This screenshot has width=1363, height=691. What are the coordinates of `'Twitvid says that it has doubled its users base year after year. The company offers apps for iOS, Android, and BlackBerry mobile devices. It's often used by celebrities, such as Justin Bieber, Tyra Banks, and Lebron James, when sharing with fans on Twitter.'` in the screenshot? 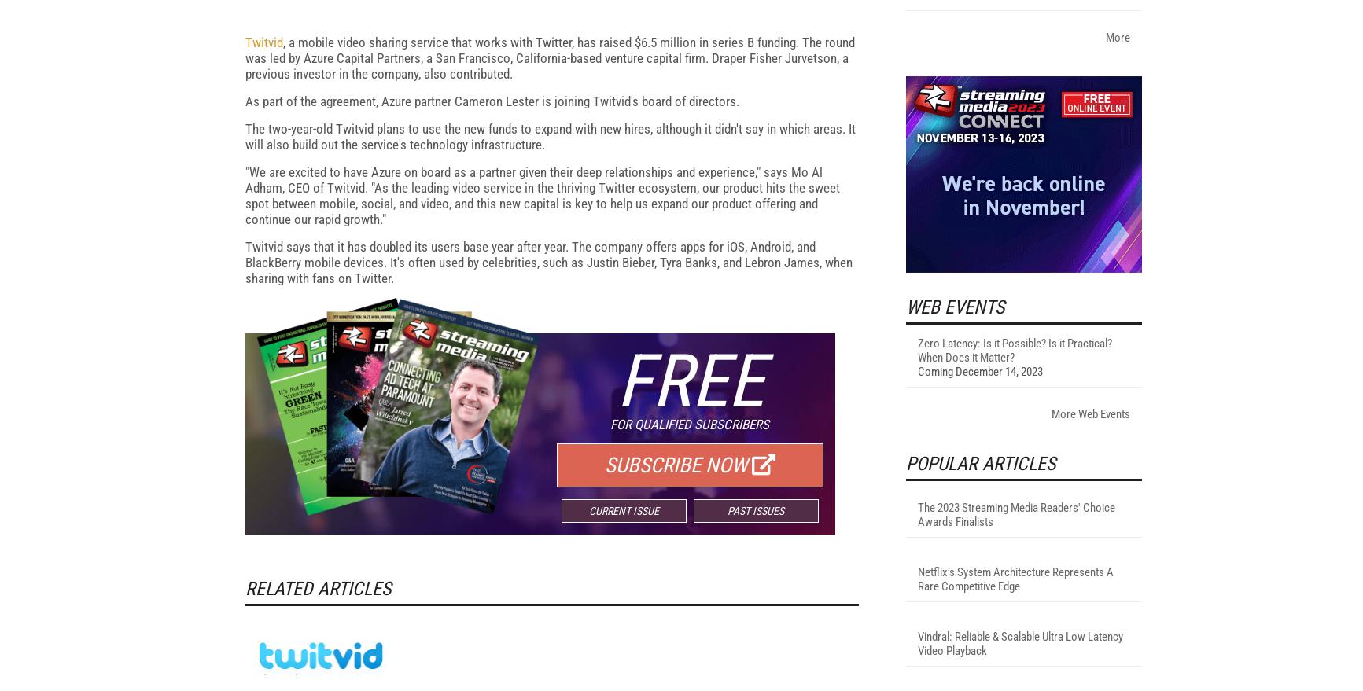 It's located at (548, 466).